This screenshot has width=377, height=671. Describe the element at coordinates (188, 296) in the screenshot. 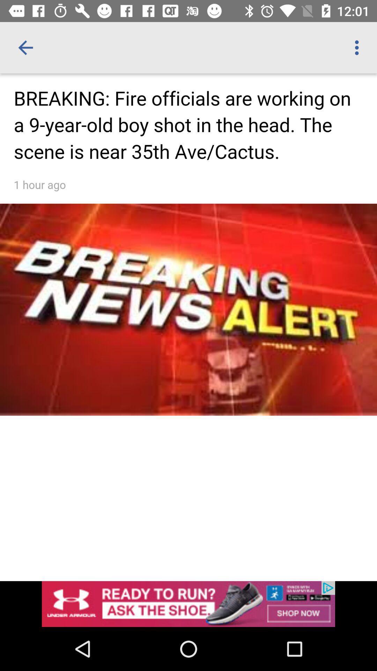

I see `open article` at that location.